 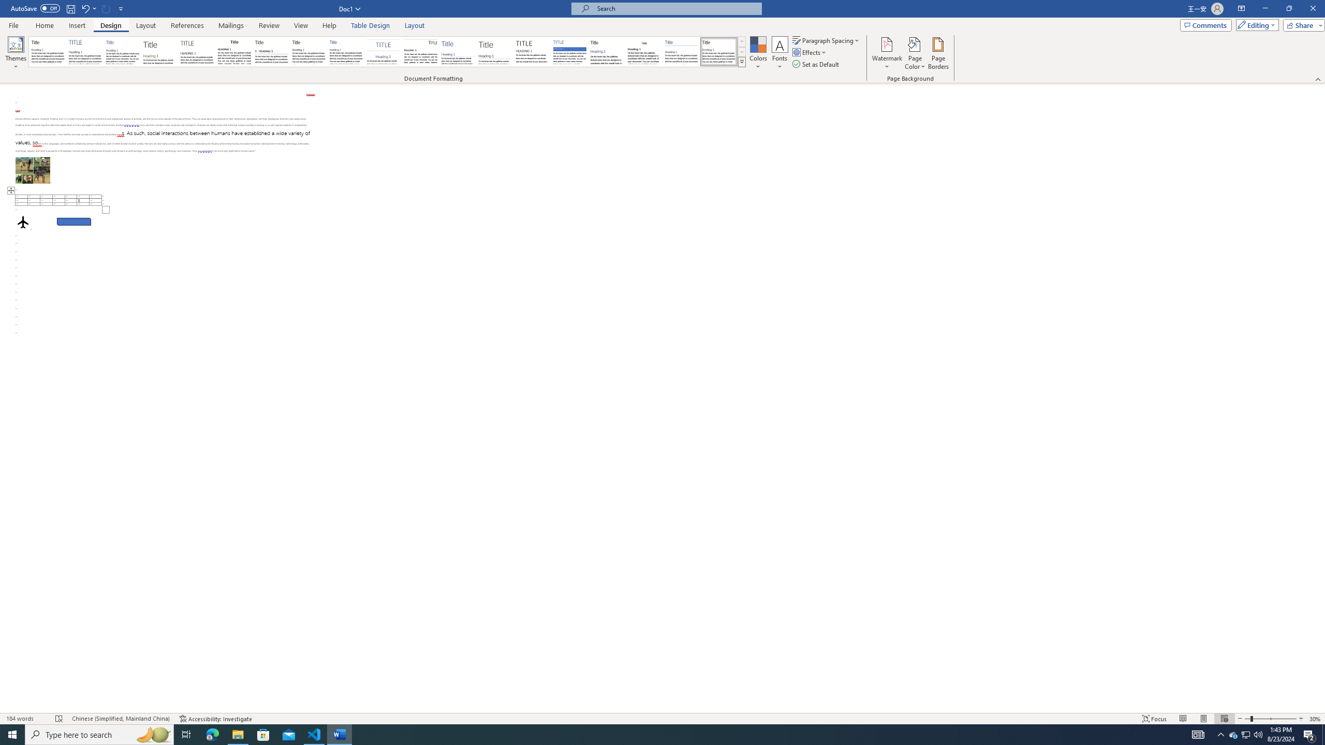 I want to click on 'Morphological variation in six dogs', so click(x=33, y=170).